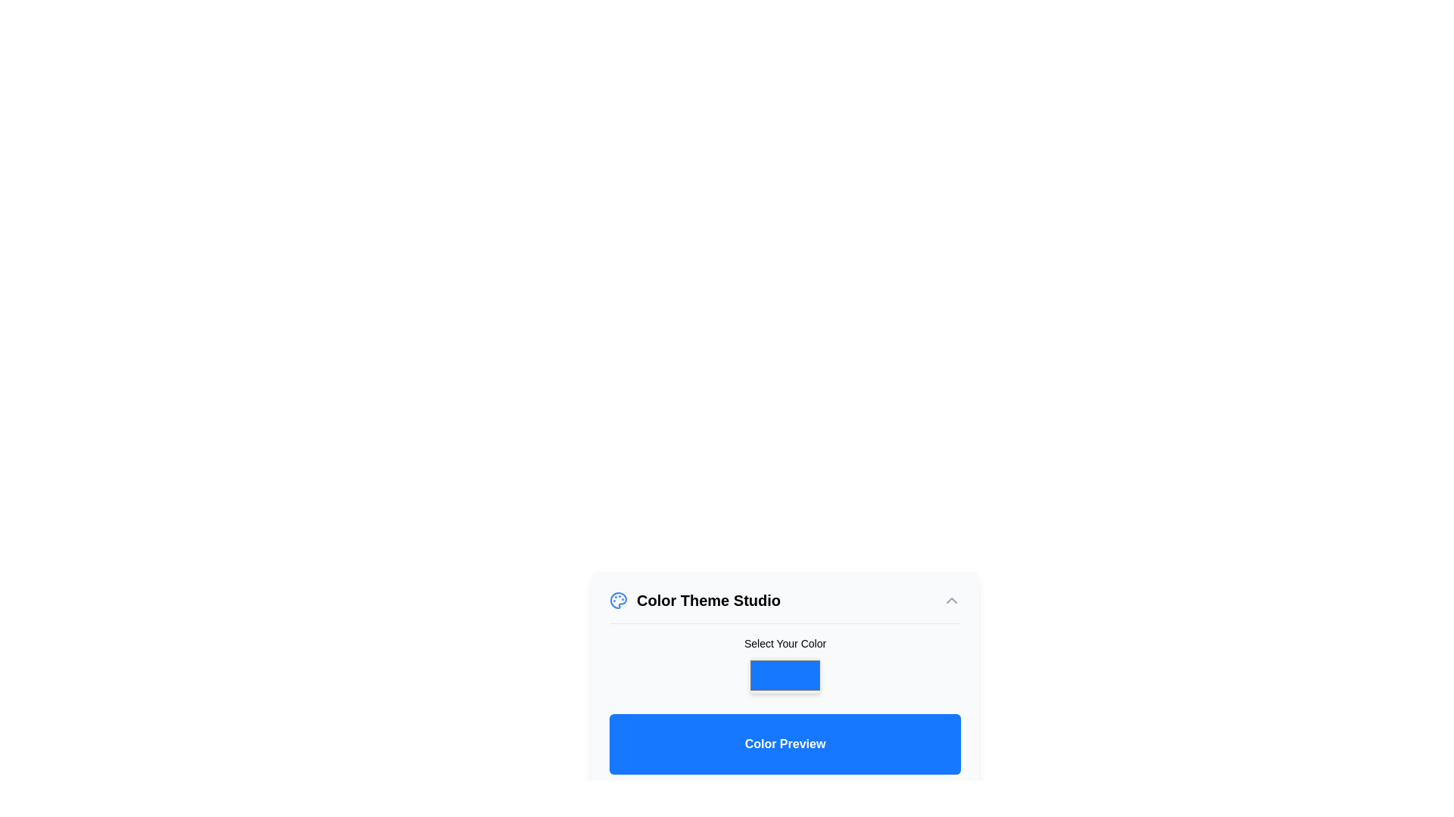  I want to click on the Text Label displaying 'Color Theme Studio', which features a blue palette icon and is positioned to the left of the 'Toggle Panel' icon, so click(694, 600).